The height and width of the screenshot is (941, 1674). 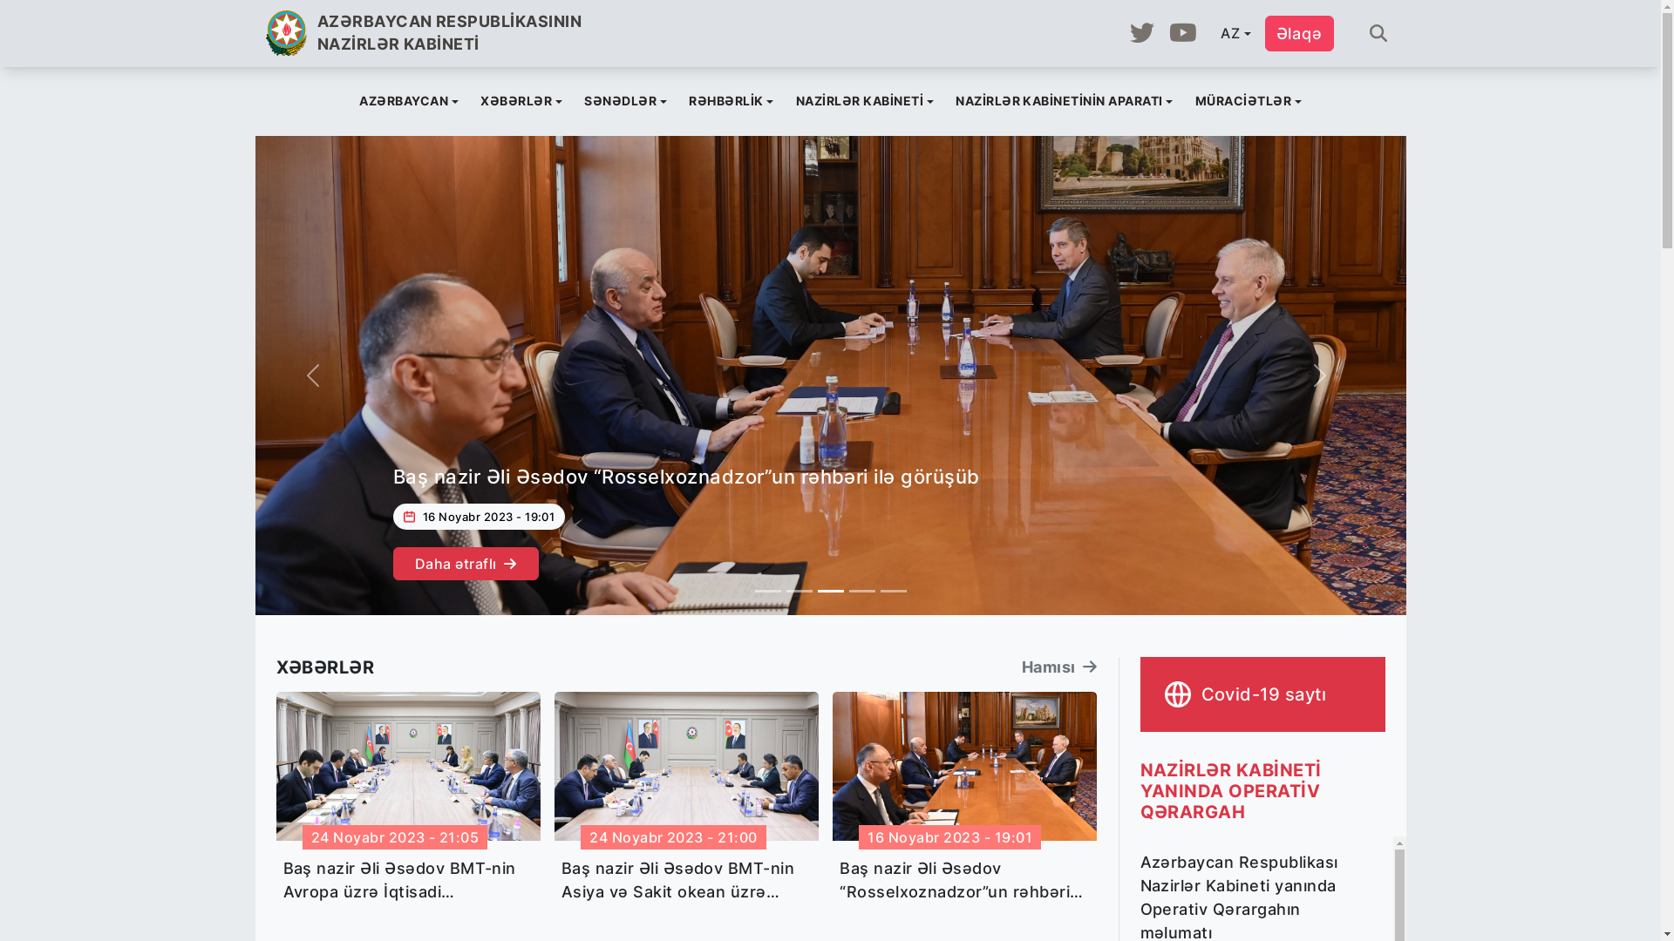 I want to click on 'AZ', so click(x=1209, y=33).